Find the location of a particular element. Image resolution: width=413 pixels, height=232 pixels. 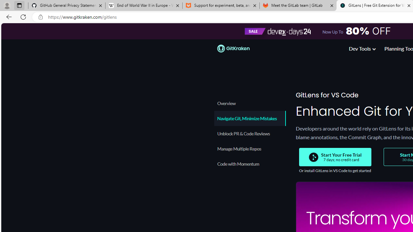

'Manage Multiple Repos' is located at coordinates (249, 149).